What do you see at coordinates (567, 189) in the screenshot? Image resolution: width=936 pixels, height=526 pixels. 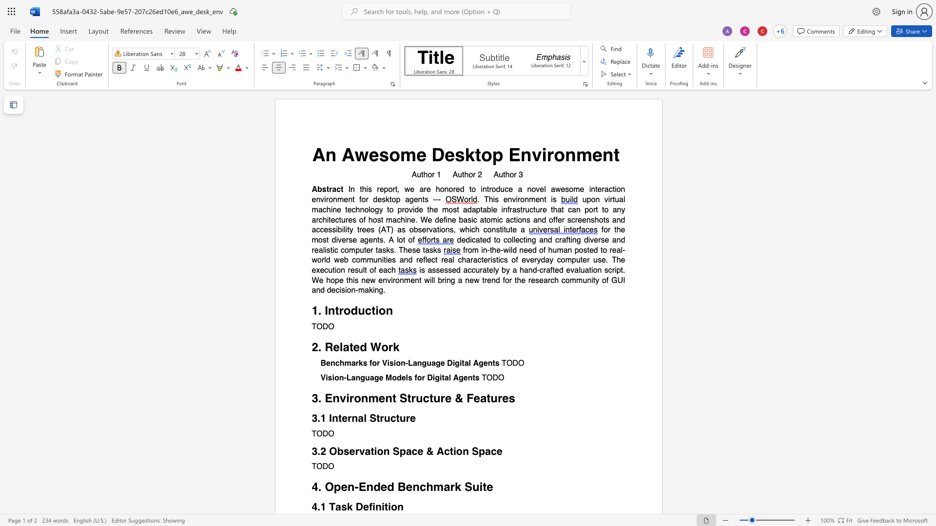 I see `the 2th character "s" in the text` at bounding box center [567, 189].